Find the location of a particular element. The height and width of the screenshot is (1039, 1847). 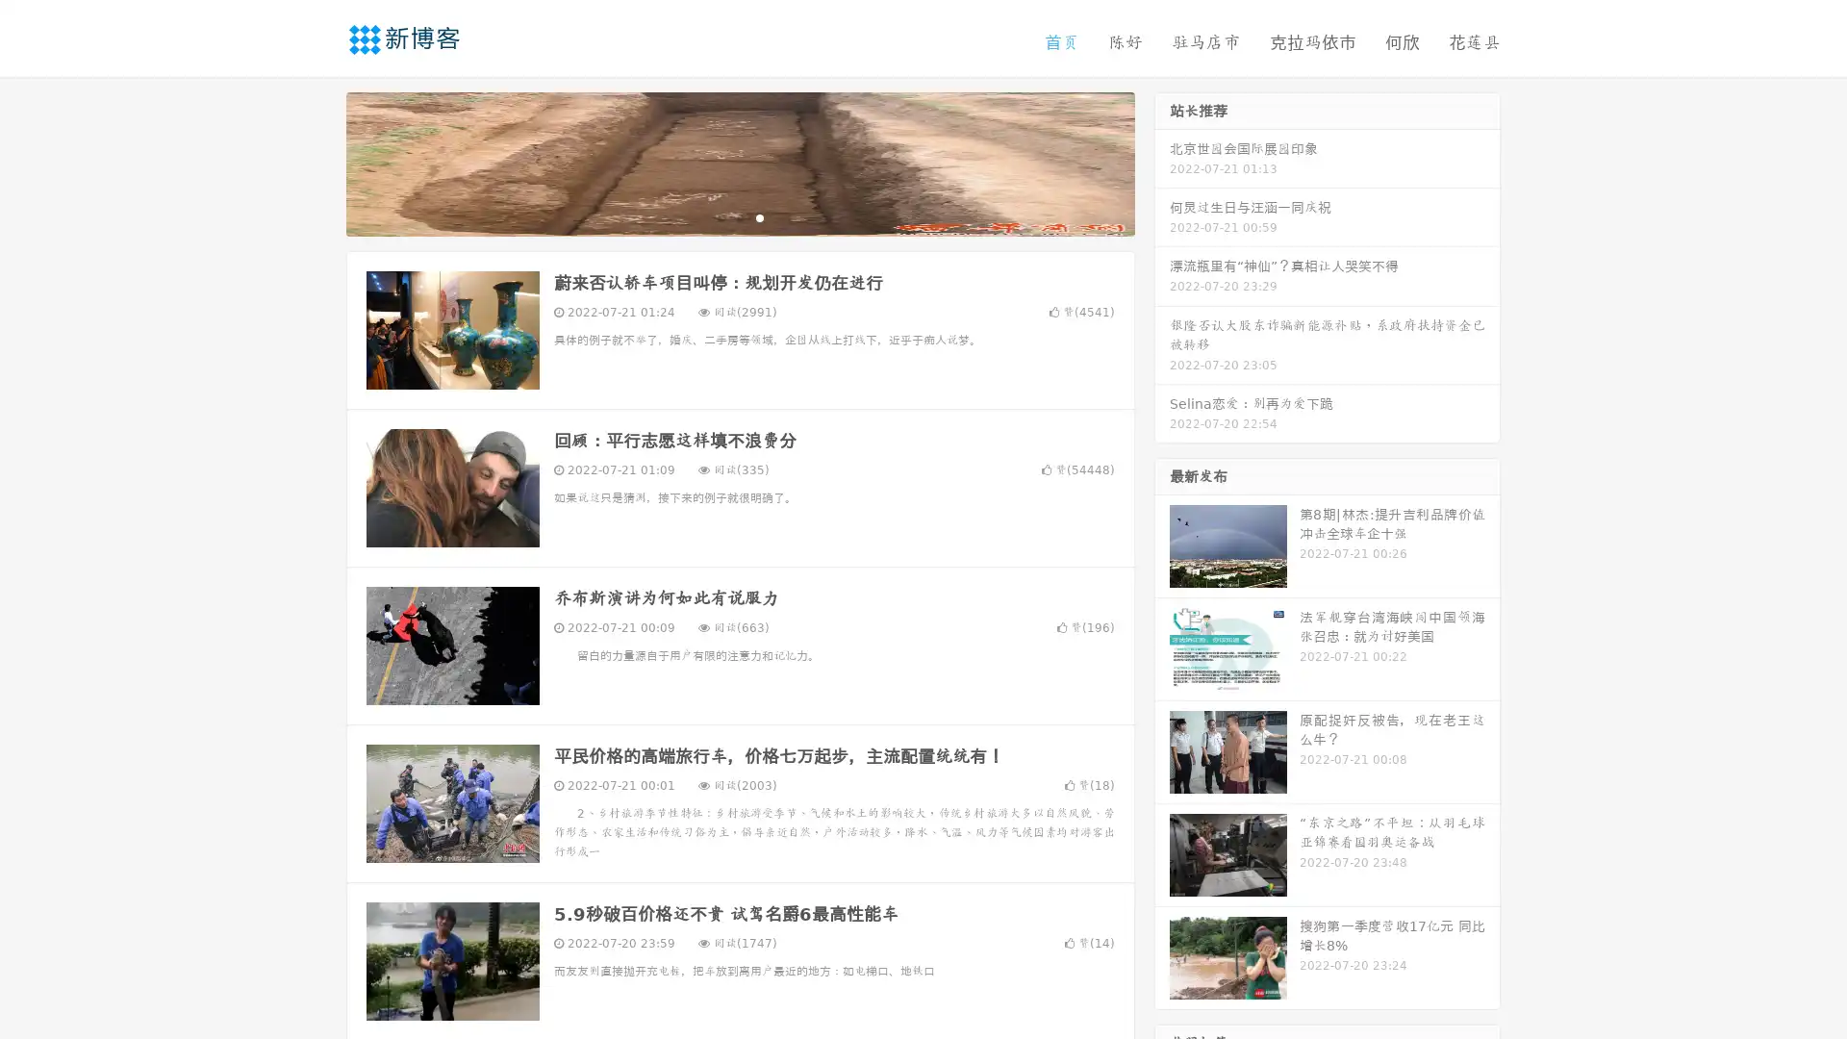

Go to slide 1 is located at coordinates (720, 216).